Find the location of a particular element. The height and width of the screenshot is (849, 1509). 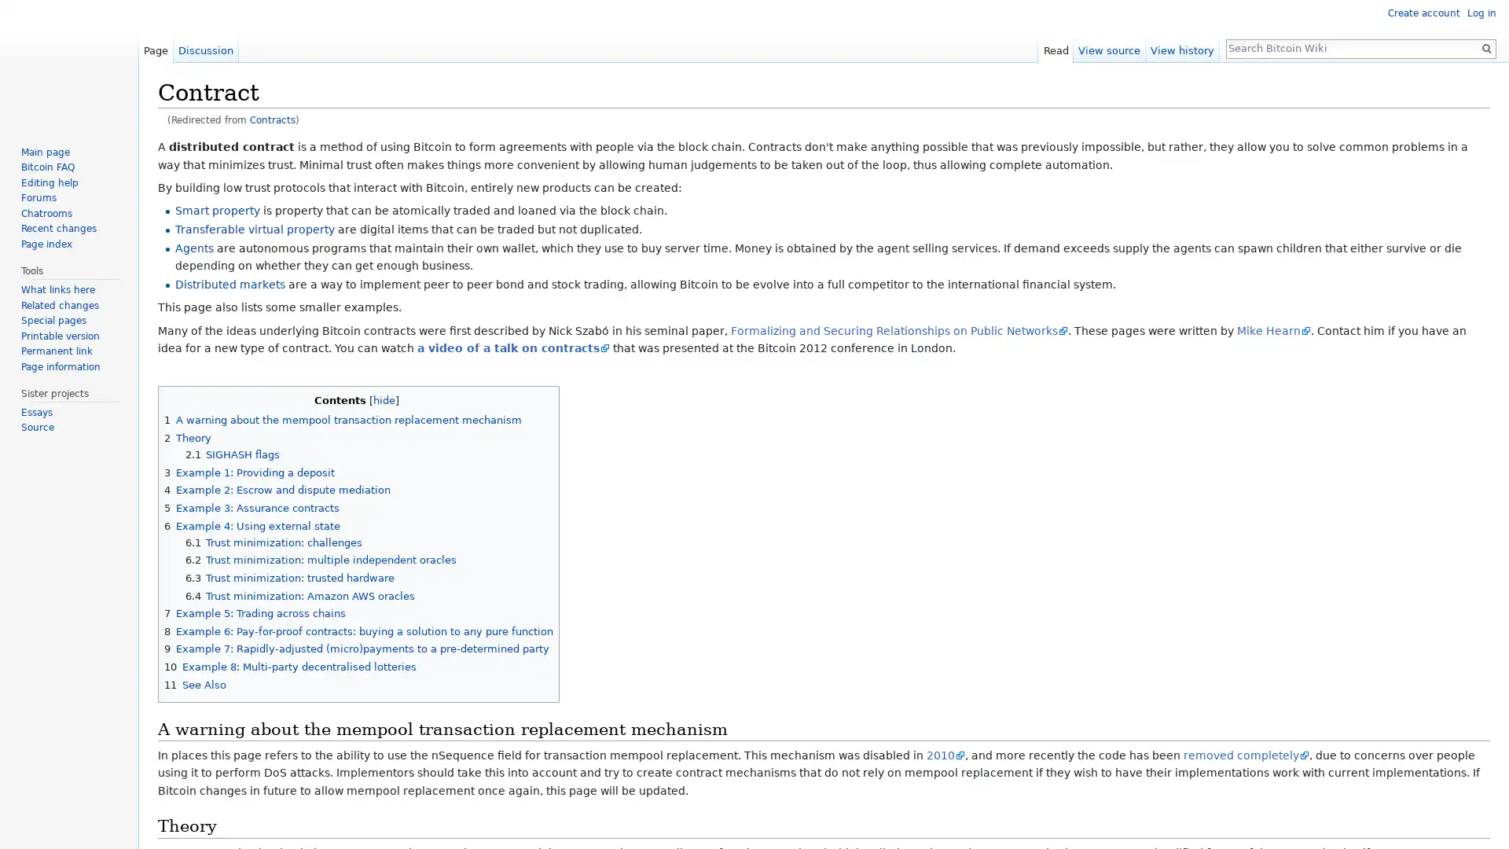

Go is located at coordinates (1485, 47).